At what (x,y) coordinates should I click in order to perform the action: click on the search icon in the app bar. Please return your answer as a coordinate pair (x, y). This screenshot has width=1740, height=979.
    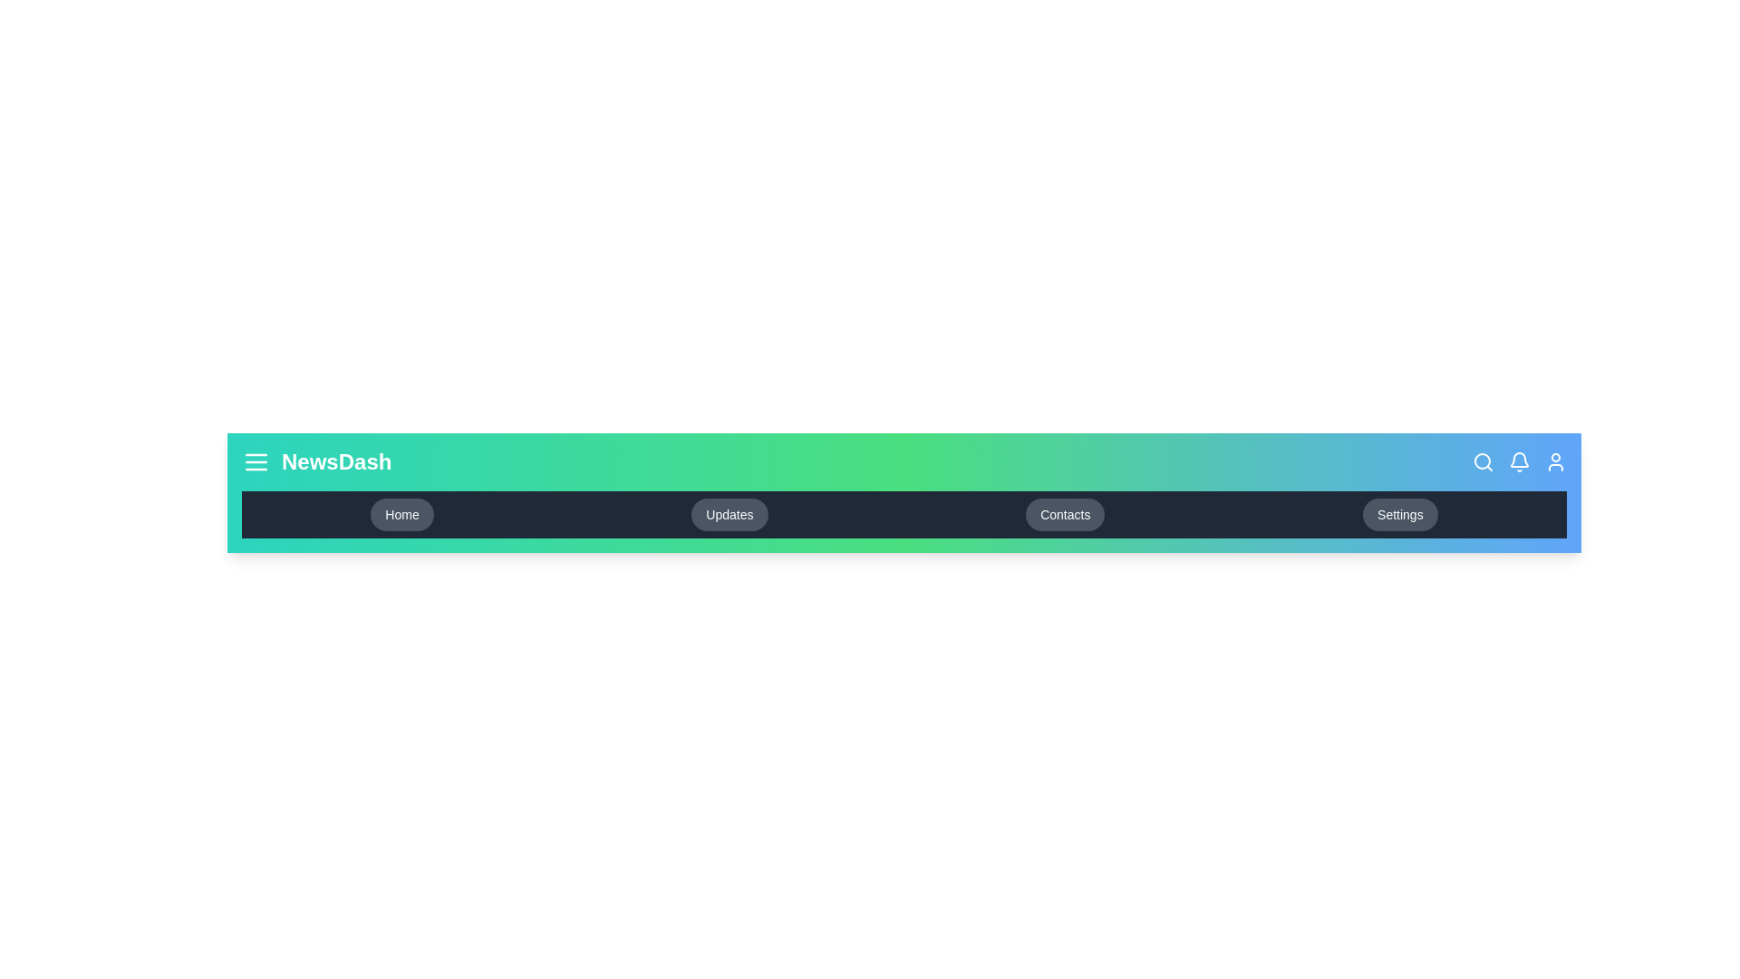
    Looking at the image, I should click on (1483, 460).